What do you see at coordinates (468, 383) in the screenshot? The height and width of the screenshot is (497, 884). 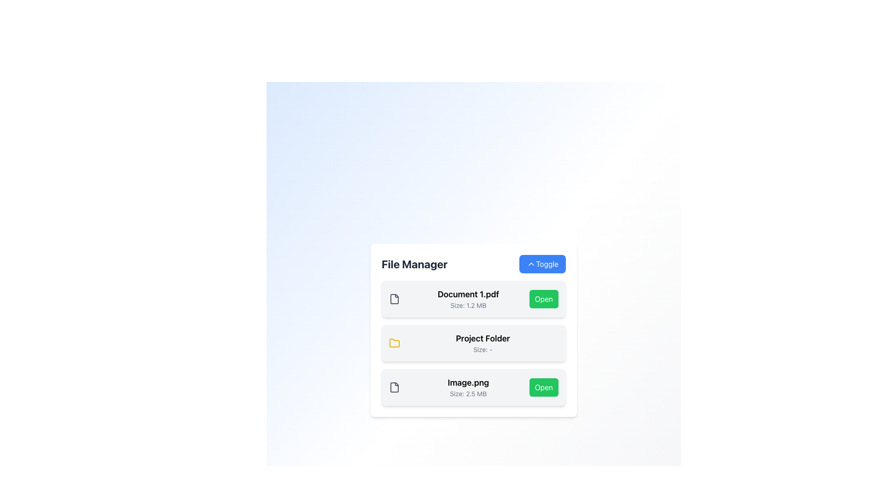 I see `the text label displaying 'Image.png', which is styled in a large bold font and is positioned above the 'Size: 2.5 MB' description text` at bounding box center [468, 383].